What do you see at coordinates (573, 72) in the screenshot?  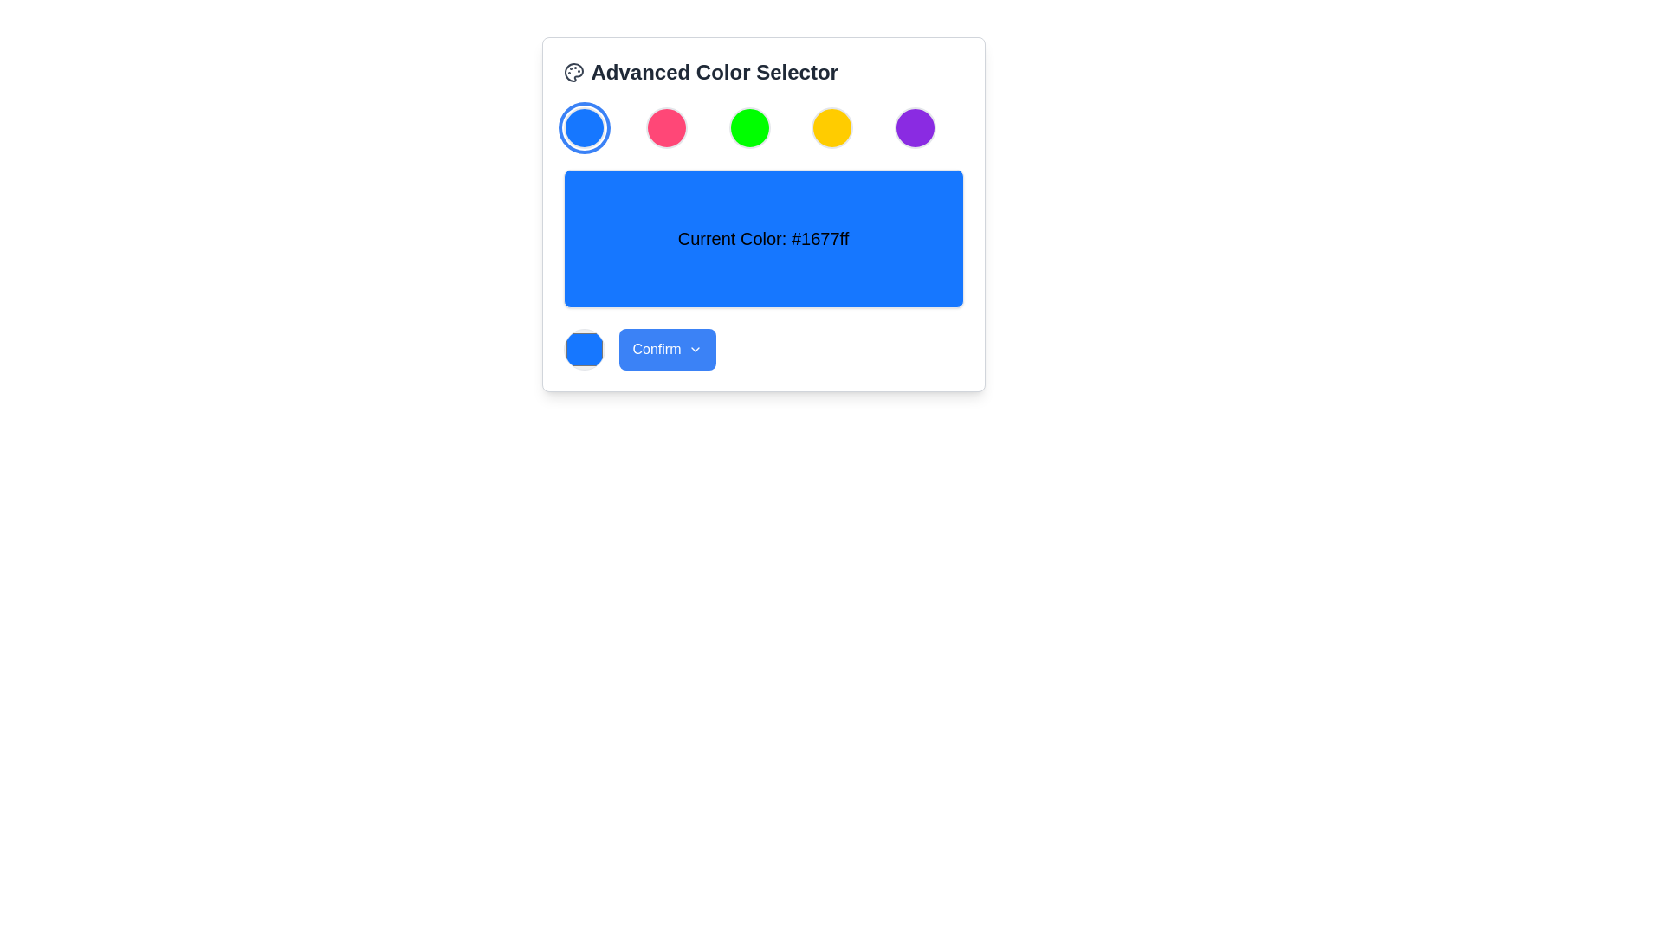 I see `the semi-circular palette icon in the upper-left corner of the Advanced Color Selector interface, which is part of the color selector icon set` at bounding box center [573, 72].